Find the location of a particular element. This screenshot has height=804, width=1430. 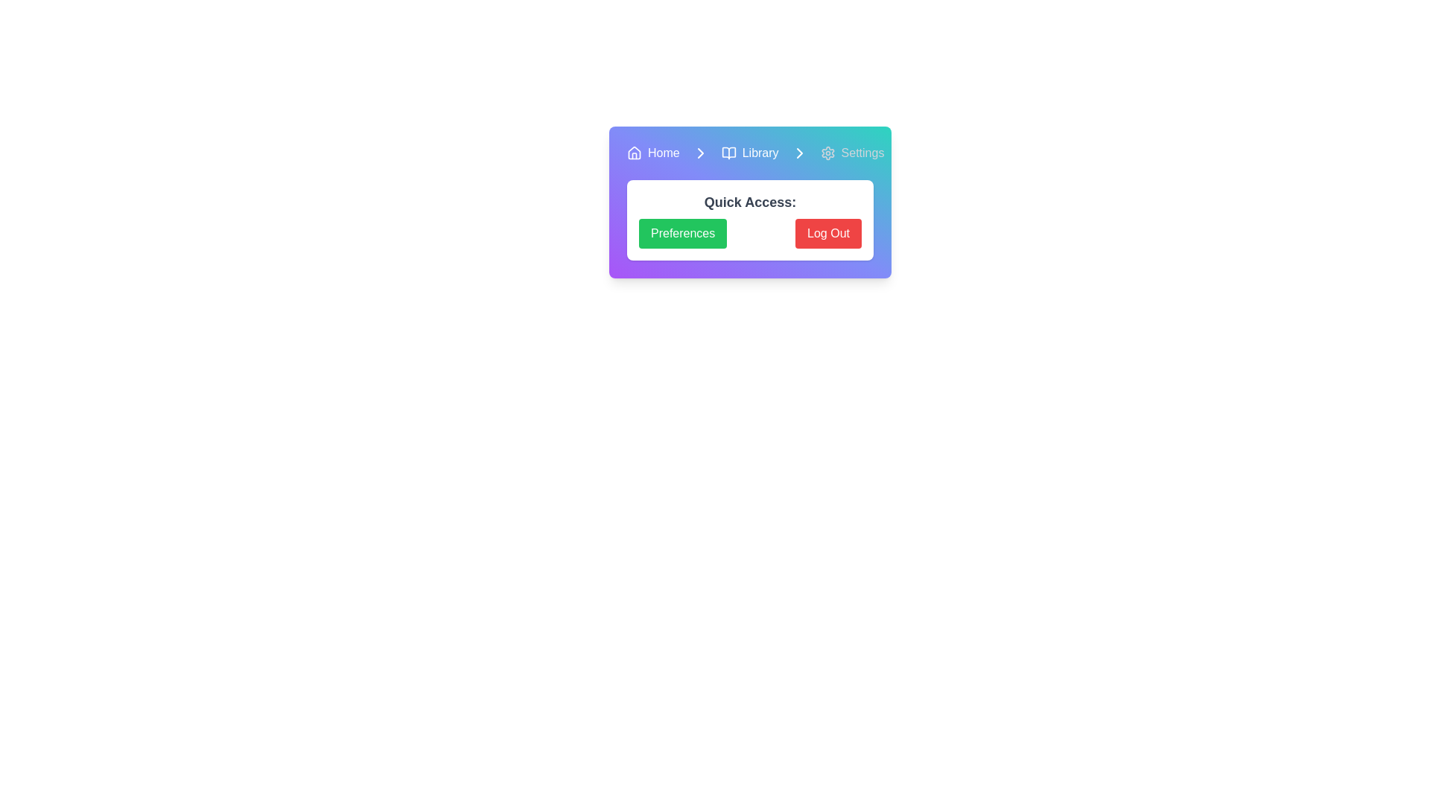

the 'Library' step in the breadcrumb navigation bar is located at coordinates (750, 153).